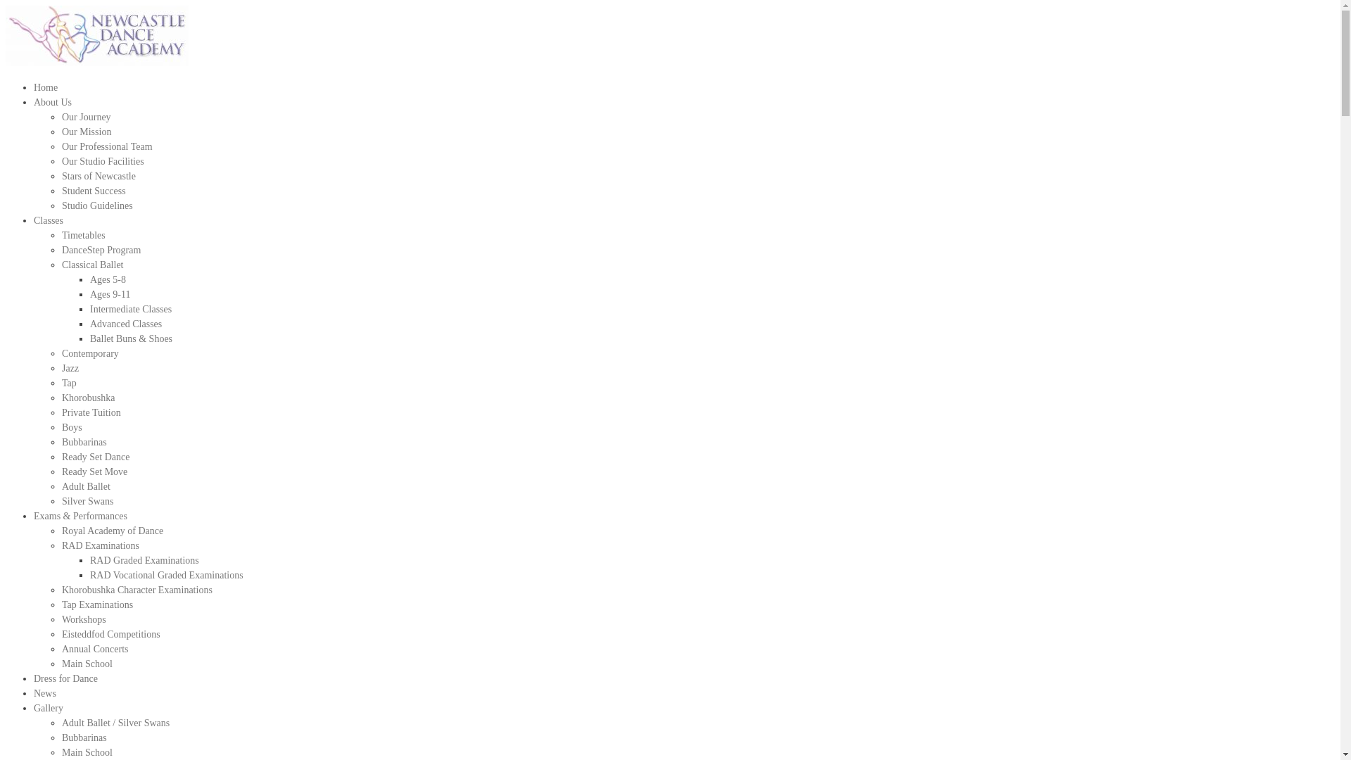 This screenshot has width=1351, height=760. Describe the element at coordinates (34, 692) in the screenshot. I see `'News'` at that location.